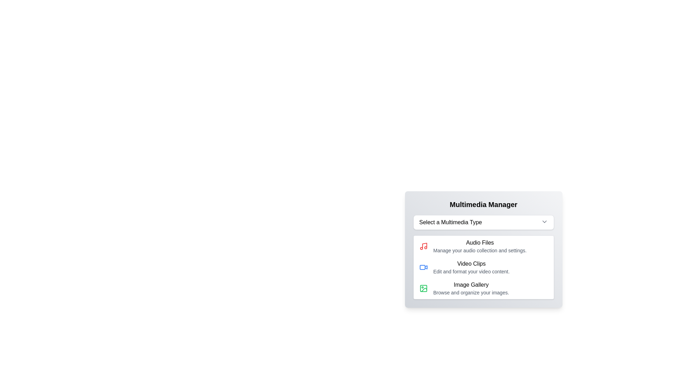  I want to click on the Text Label that provides clarification about the 'Audio Files' option, located under the heading 'Audio Files' in the 'Multimedia Manager' interface, so click(480, 250).